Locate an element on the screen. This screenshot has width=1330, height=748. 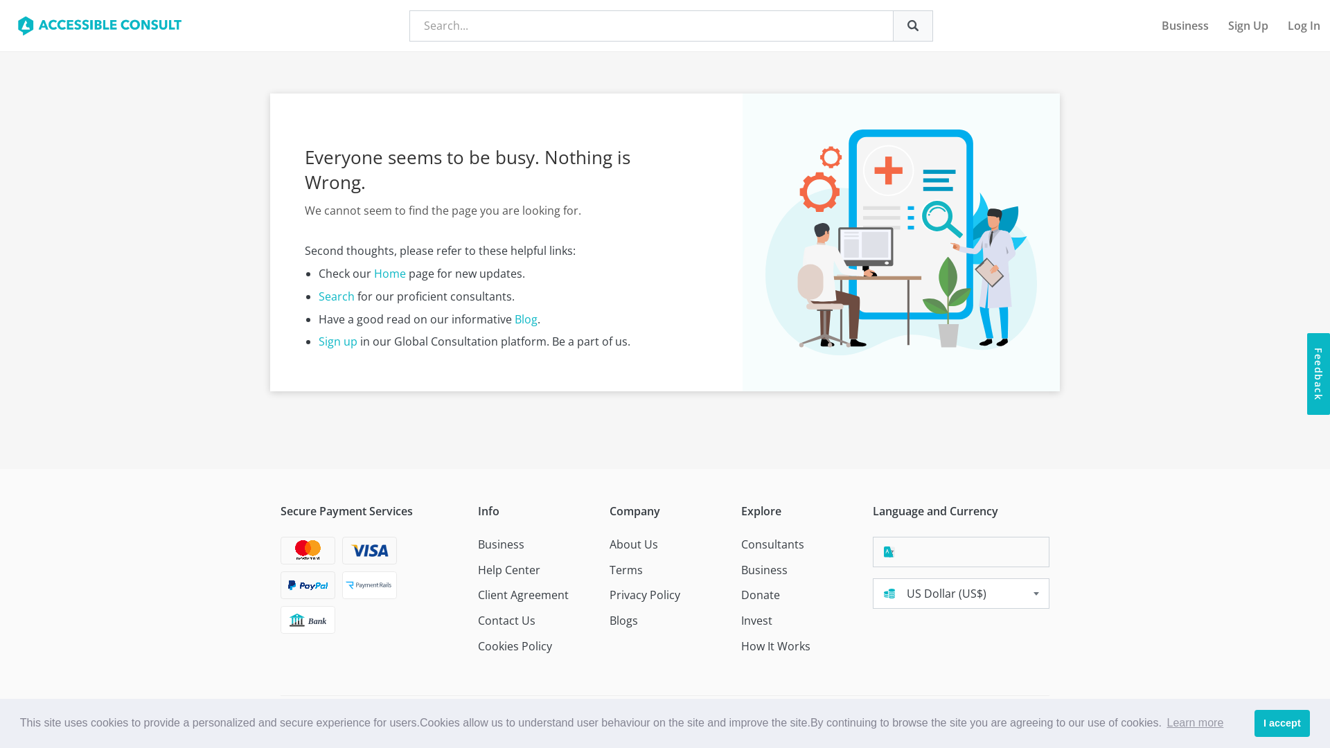
'Consultants' is located at coordinates (772, 544).